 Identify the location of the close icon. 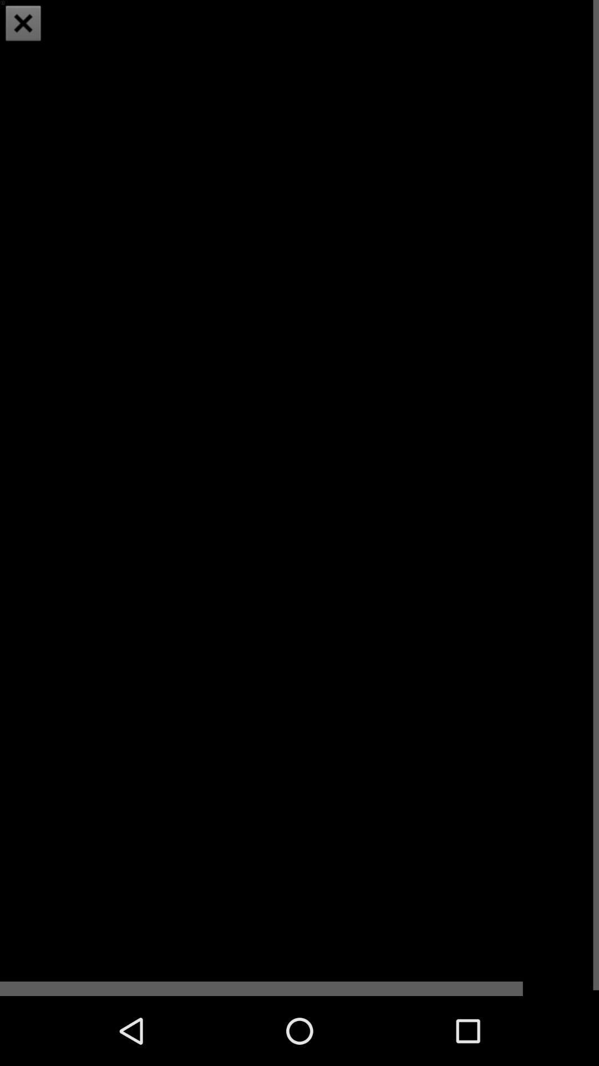
(23, 24).